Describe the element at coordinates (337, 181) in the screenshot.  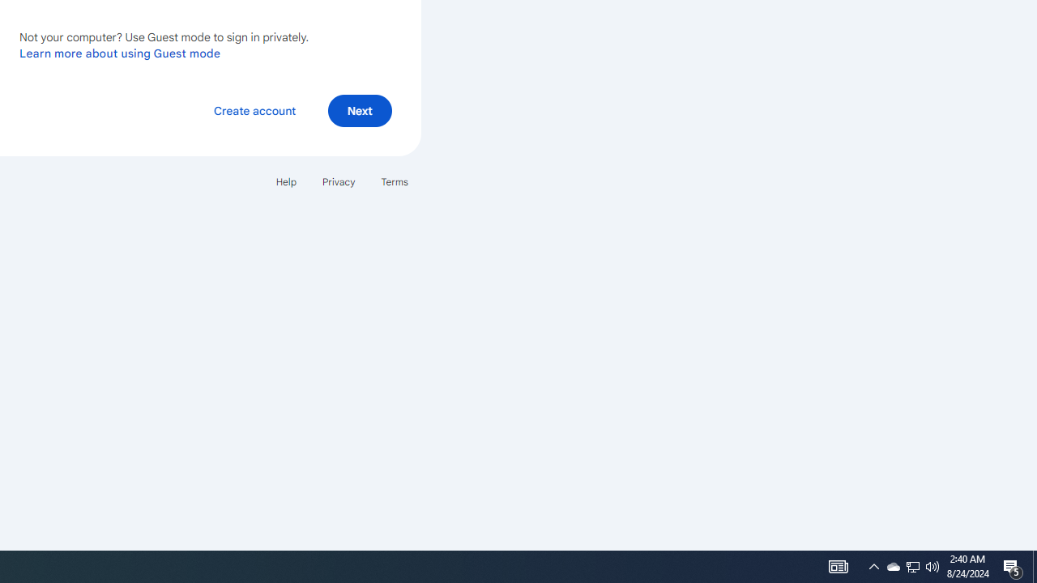
I see `'Privacy'` at that location.